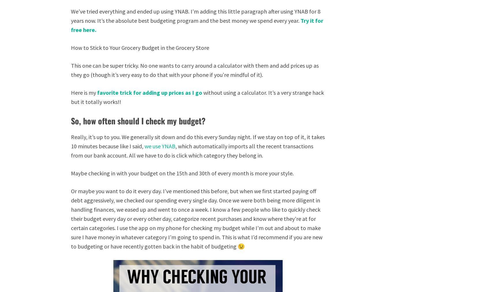 Image resolution: width=488 pixels, height=292 pixels. I want to click on 'Here is my', so click(71, 92).